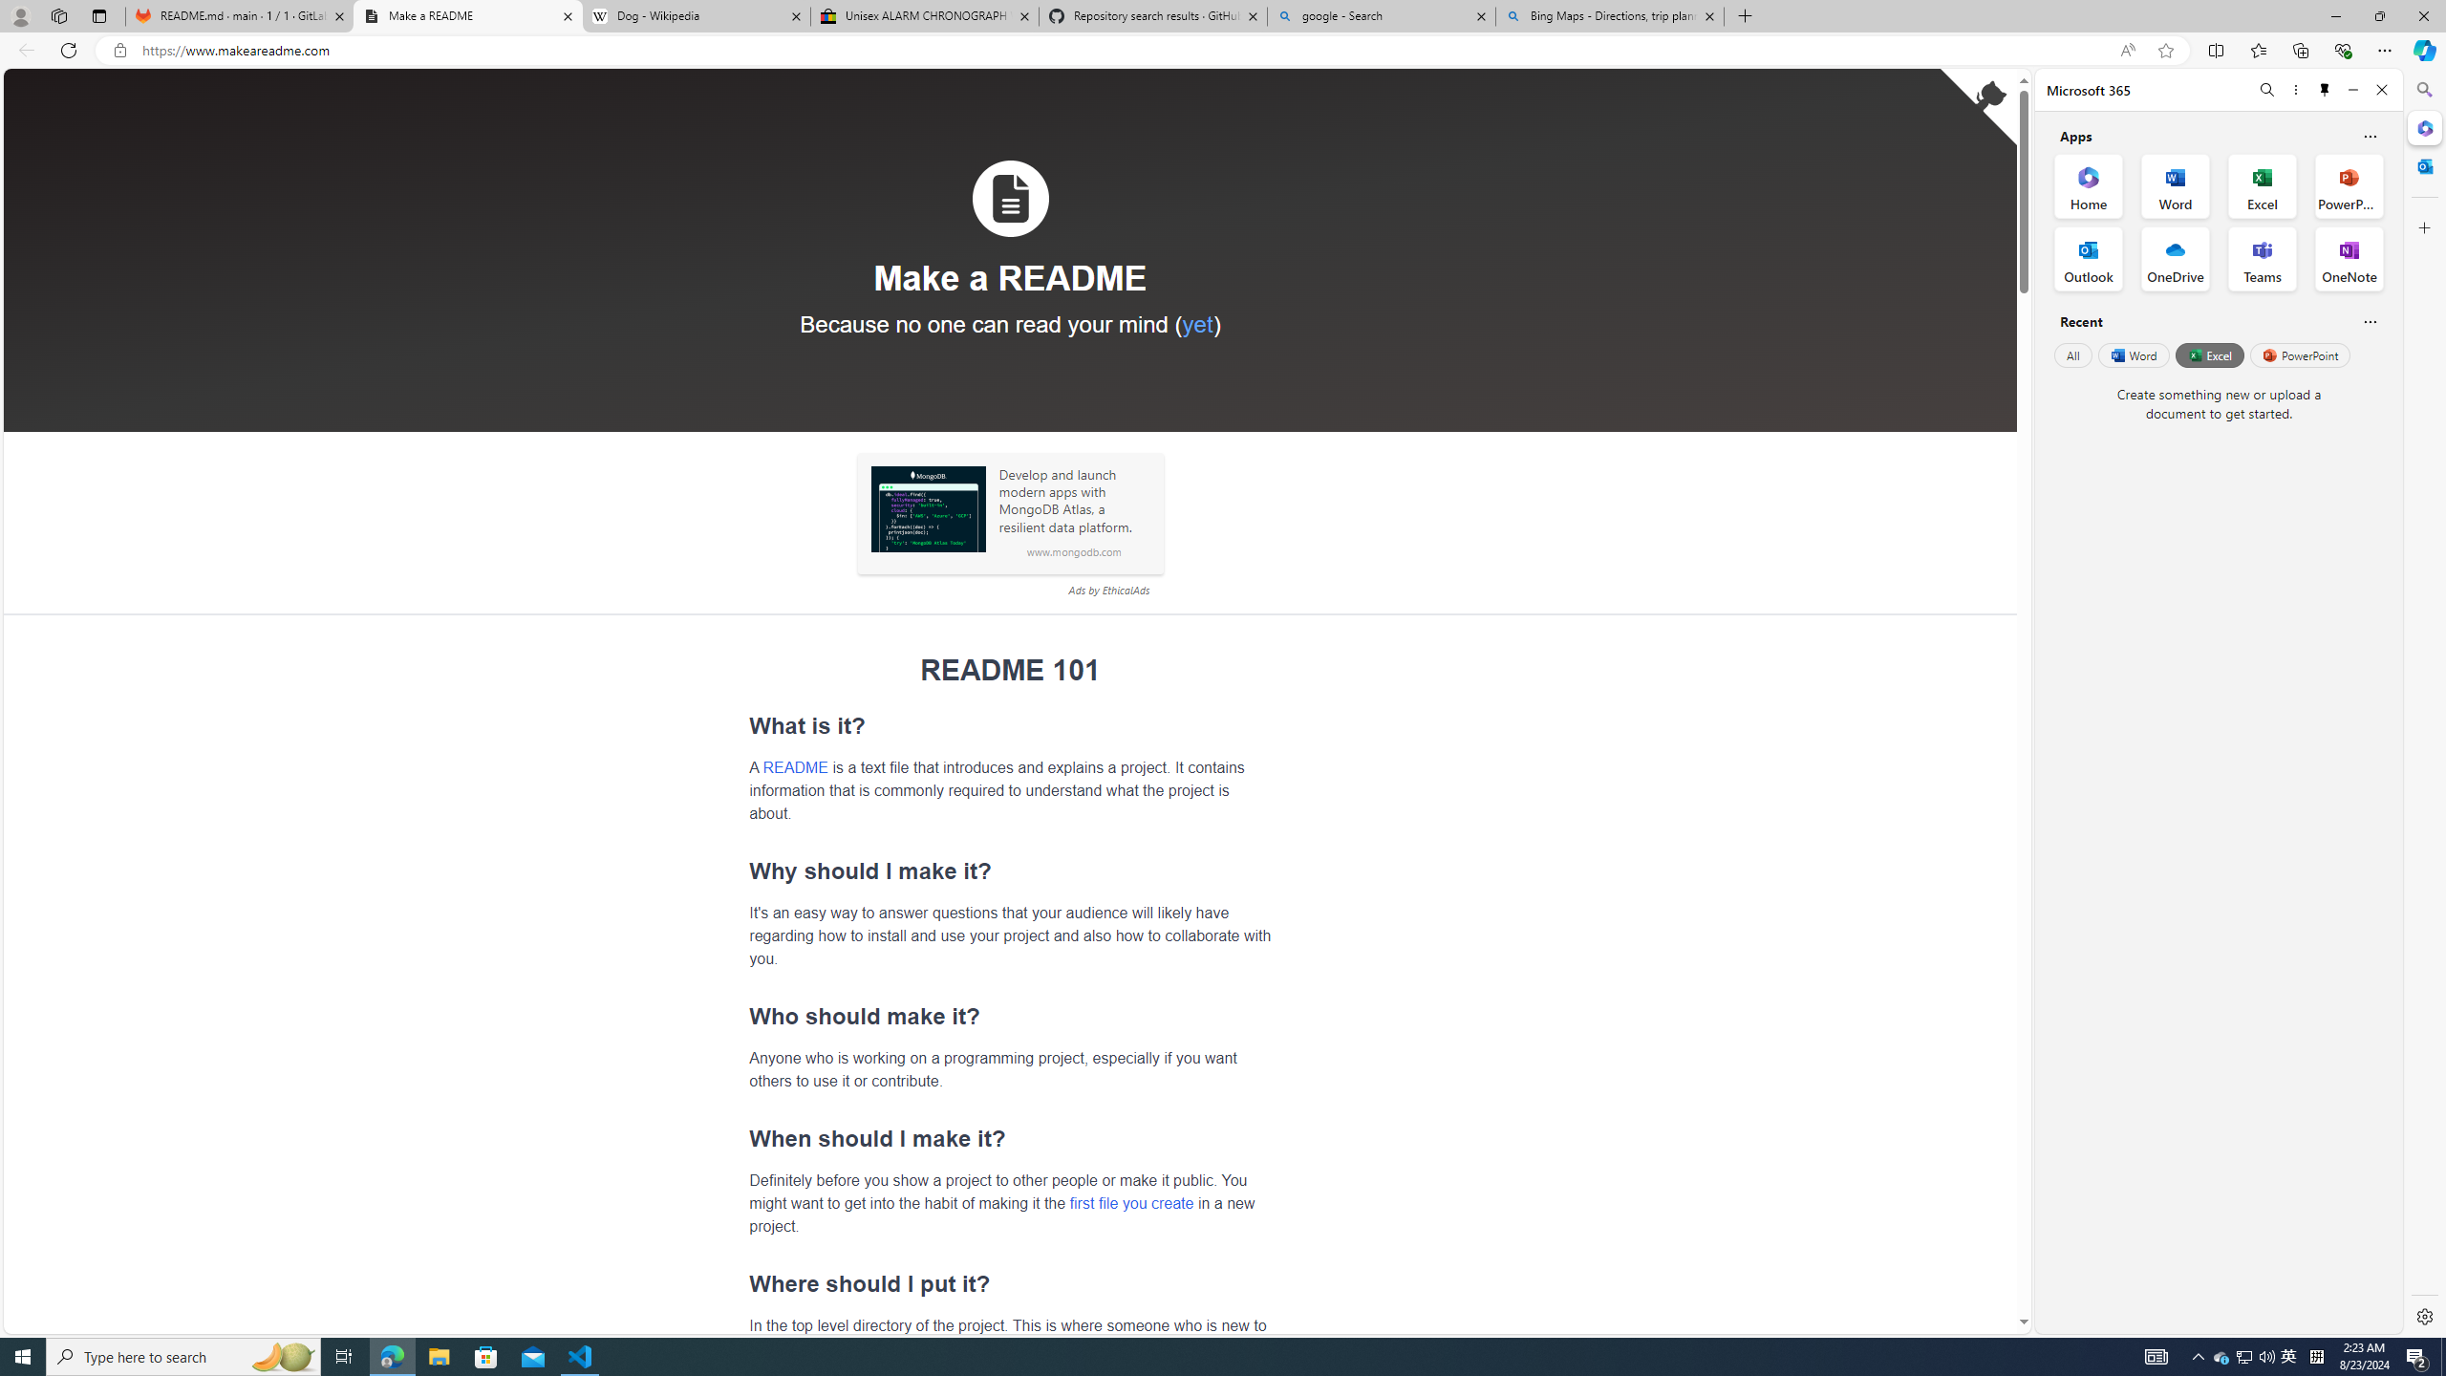  What do you see at coordinates (795, 765) in the screenshot?
I see `'README'` at bounding box center [795, 765].